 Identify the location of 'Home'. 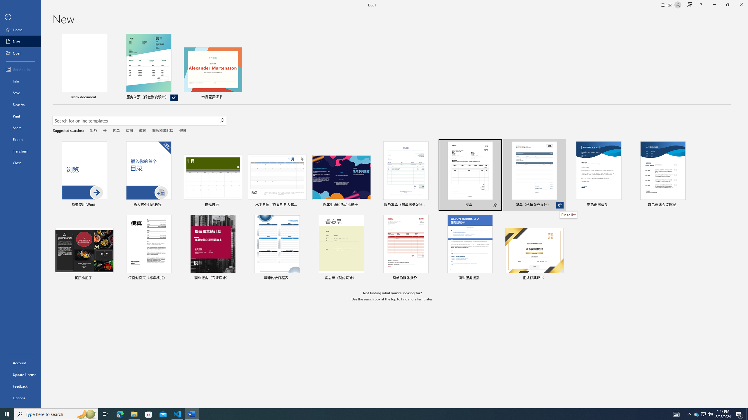
(20, 30).